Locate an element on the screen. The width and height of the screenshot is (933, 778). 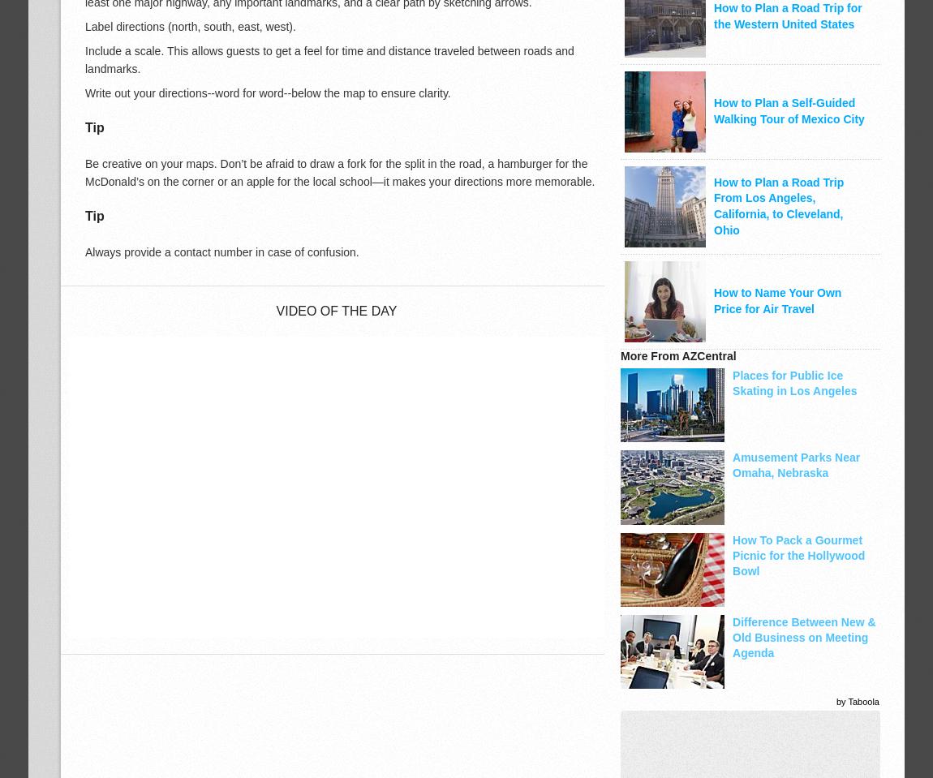
'How to Name Your Own Price for Air Travel' is located at coordinates (777, 301).